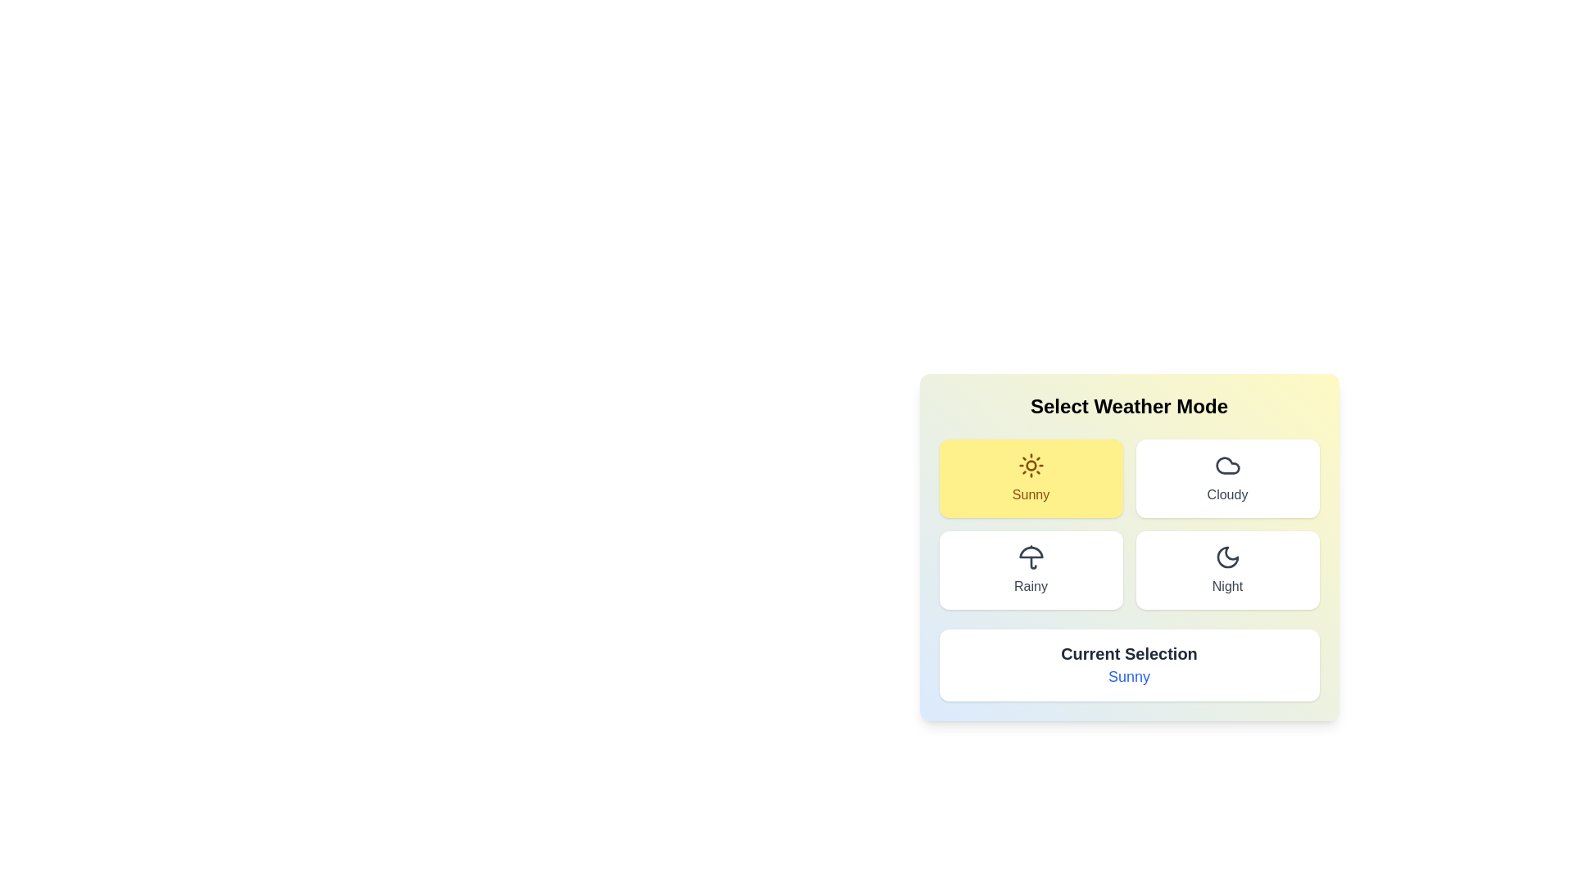 This screenshot has width=1573, height=884. Describe the element at coordinates (1227, 570) in the screenshot. I see `the Night button to select it` at that location.